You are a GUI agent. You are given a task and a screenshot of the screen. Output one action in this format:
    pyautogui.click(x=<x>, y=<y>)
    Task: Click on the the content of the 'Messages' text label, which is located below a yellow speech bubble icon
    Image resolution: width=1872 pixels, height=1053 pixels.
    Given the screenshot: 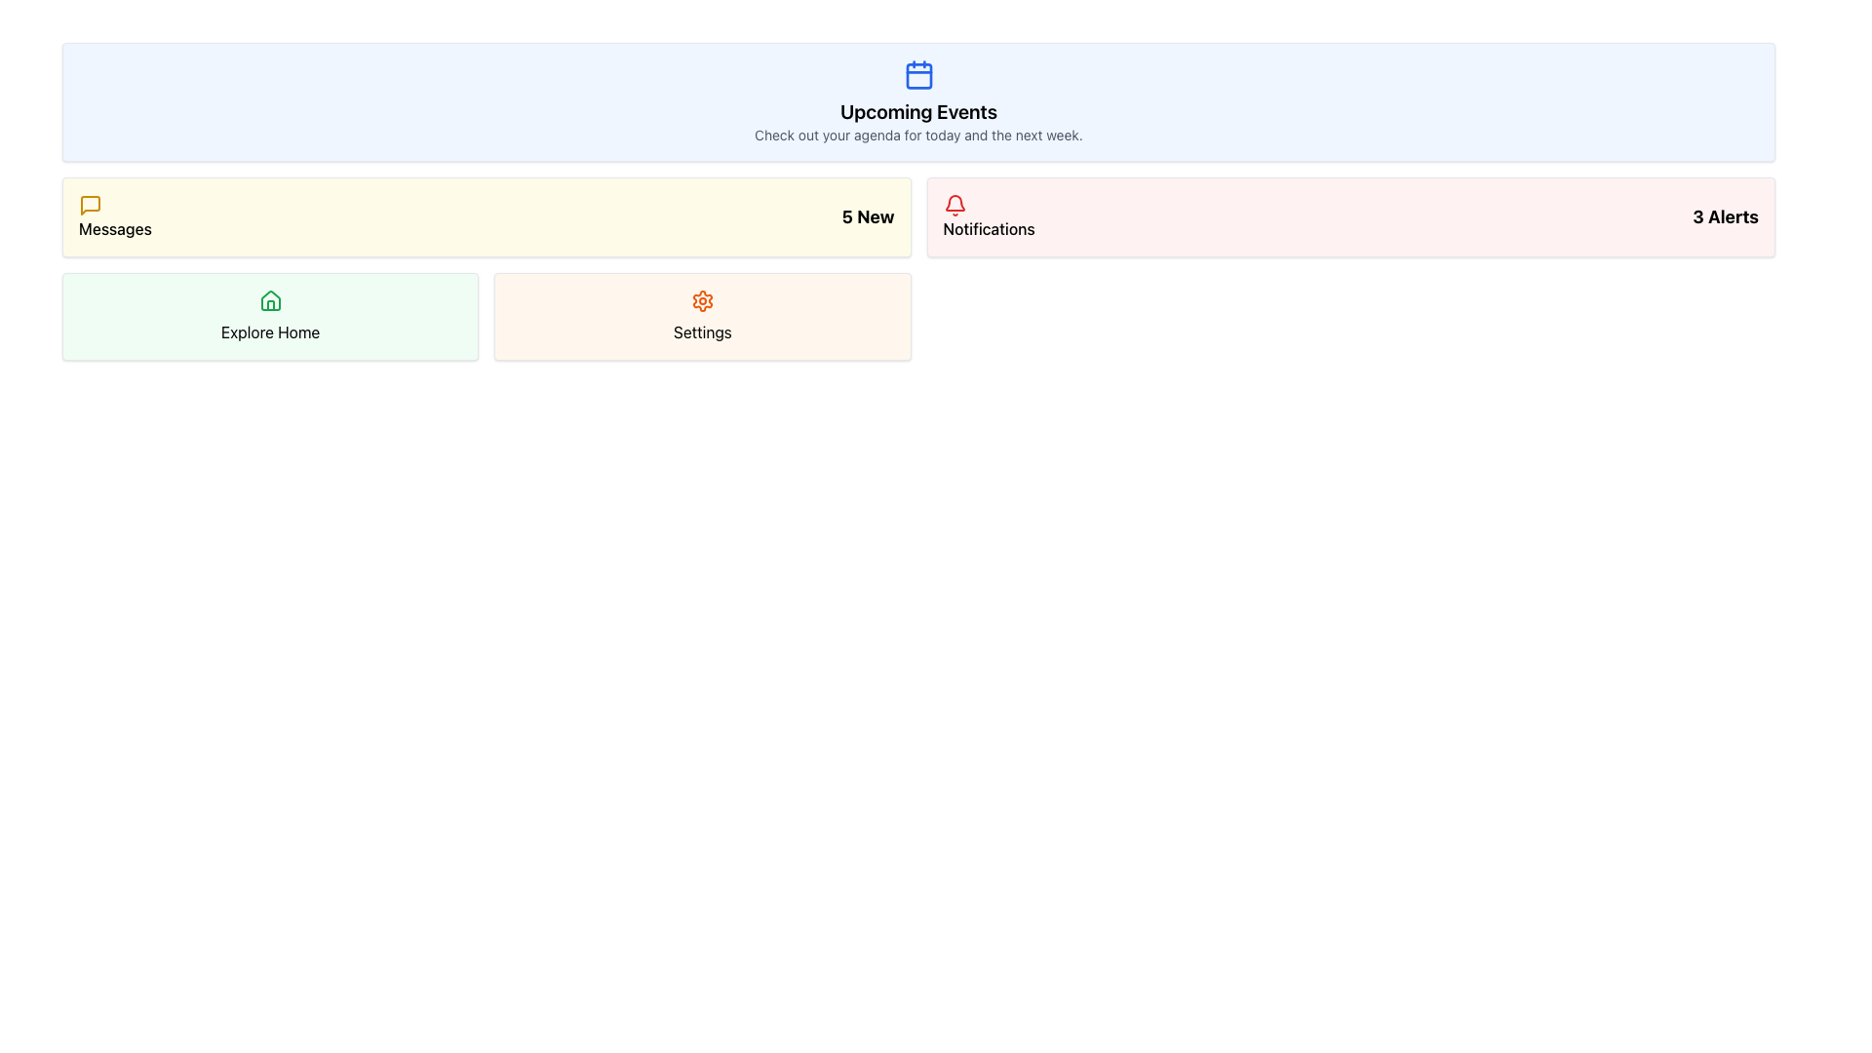 What is the action you would take?
    pyautogui.click(x=114, y=217)
    